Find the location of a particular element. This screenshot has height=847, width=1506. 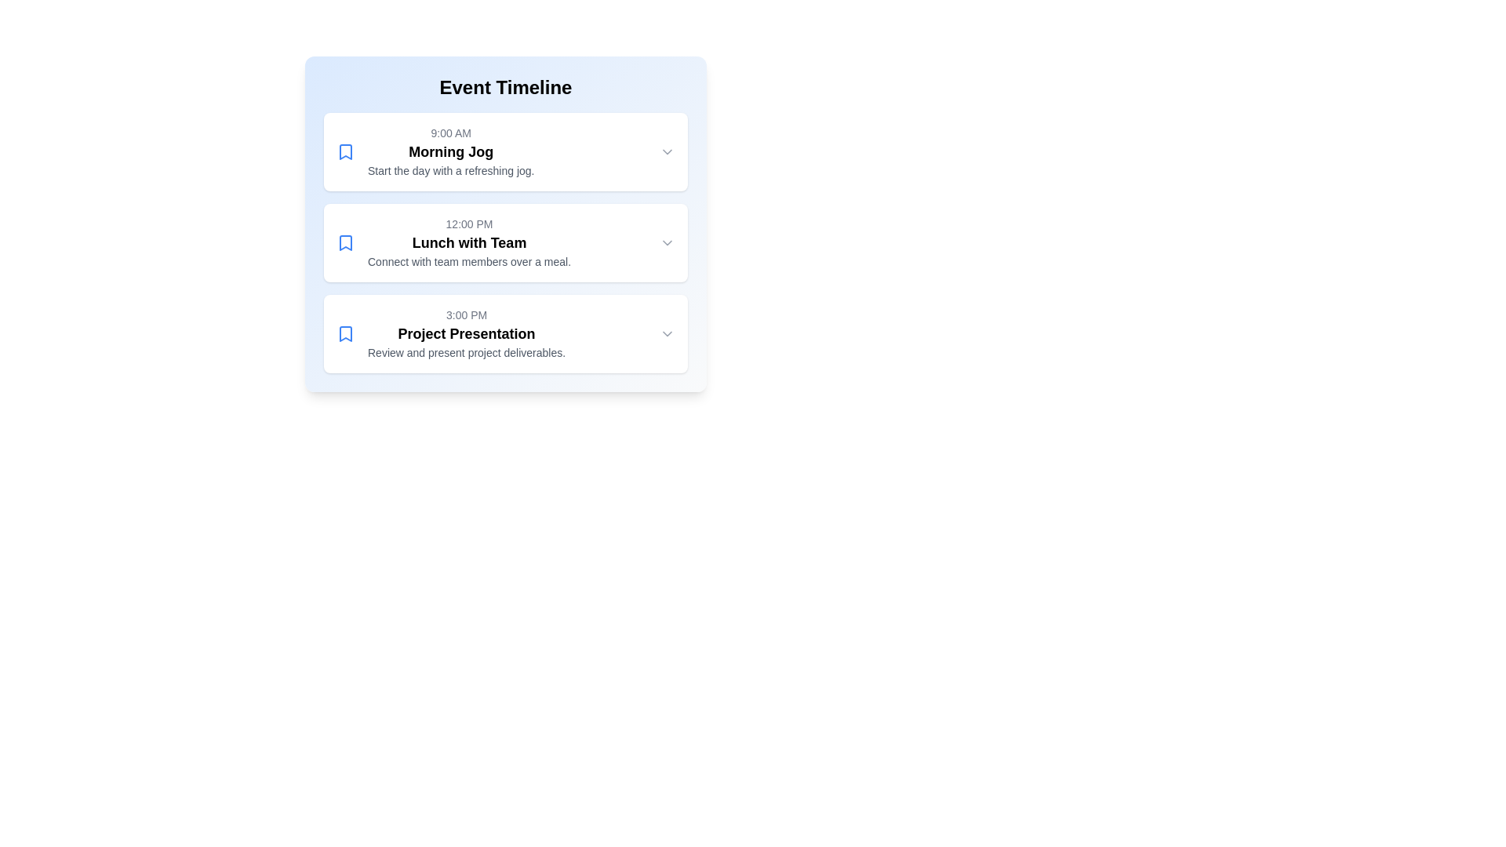

the icon located to the left of the text and timestamp in the third event card titled 'Project Presentation', which serves as a visual indicator for marking the event as important or bookmarked is located at coordinates (345, 333).